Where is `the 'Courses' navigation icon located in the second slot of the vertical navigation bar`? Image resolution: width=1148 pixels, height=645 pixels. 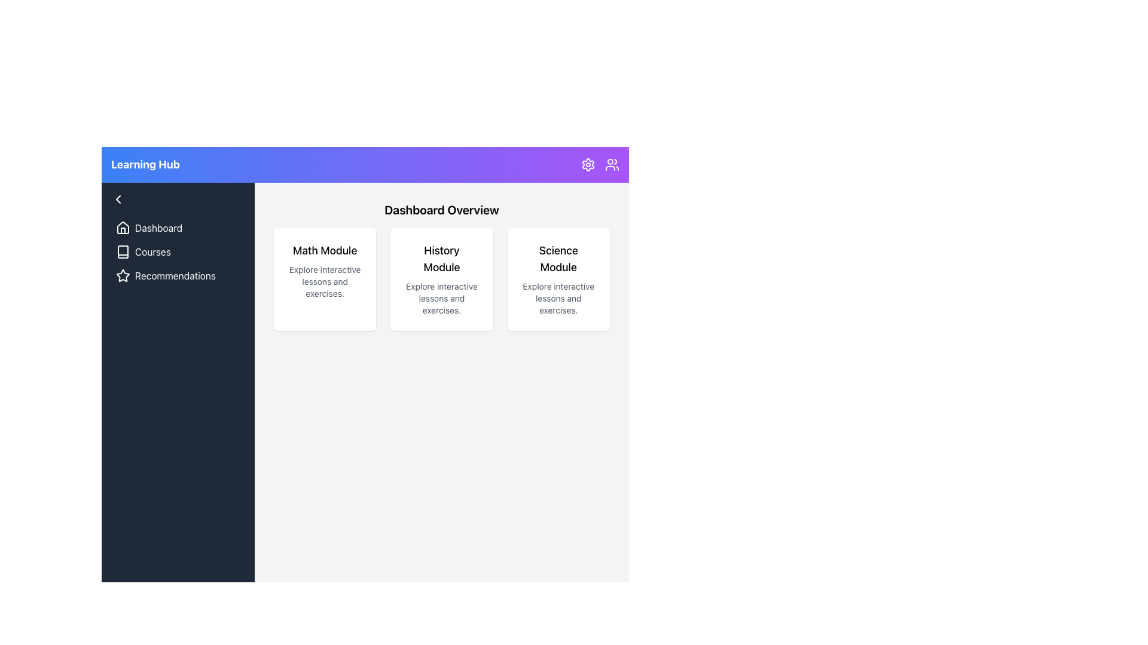 the 'Courses' navigation icon located in the second slot of the vertical navigation bar is located at coordinates (123, 251).